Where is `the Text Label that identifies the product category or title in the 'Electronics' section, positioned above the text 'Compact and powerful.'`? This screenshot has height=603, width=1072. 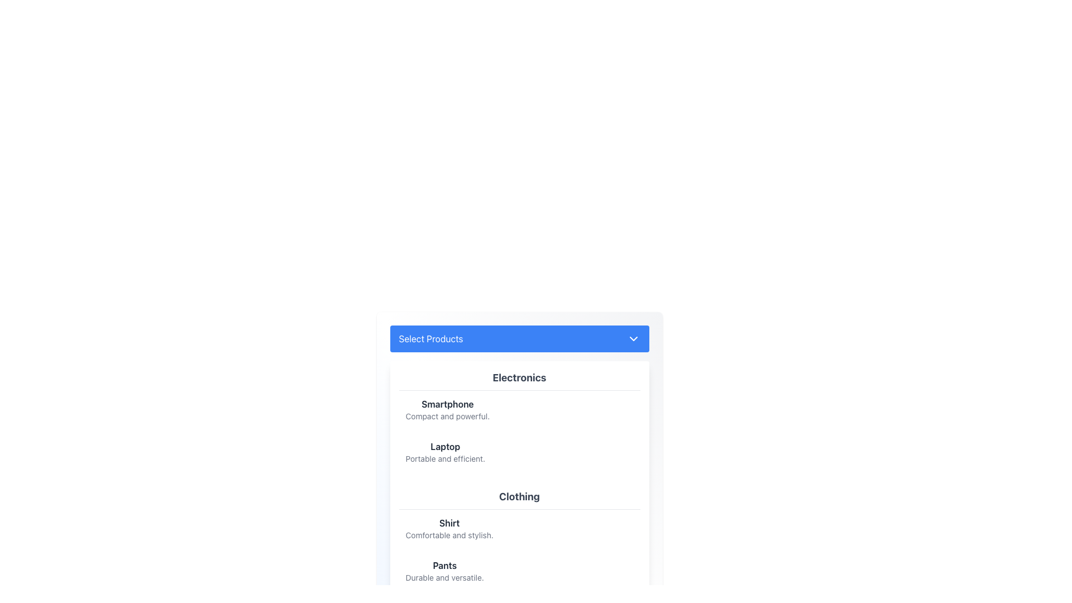 the Text Label that identifies the product category or title in the 'Electronics' section, positioned above the text 'Compact and powerful.' is located at coordinates (447, 404).